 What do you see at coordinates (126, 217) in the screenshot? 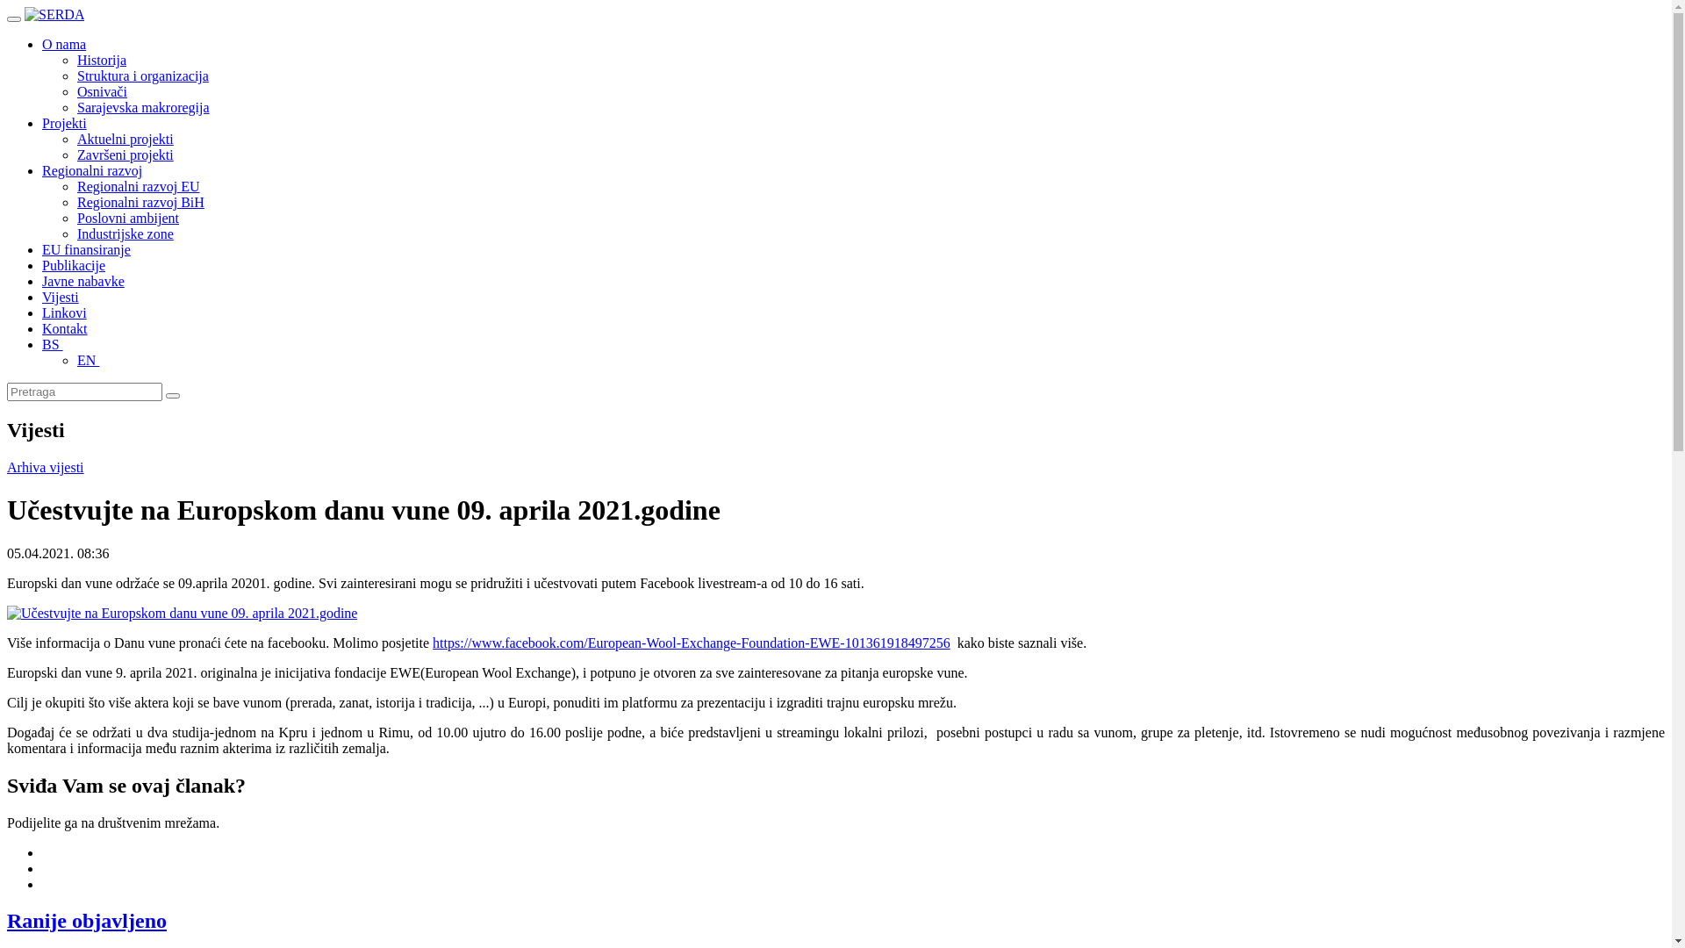
I see `'Poslovni ambijent'` at bounding box center [126, 217].